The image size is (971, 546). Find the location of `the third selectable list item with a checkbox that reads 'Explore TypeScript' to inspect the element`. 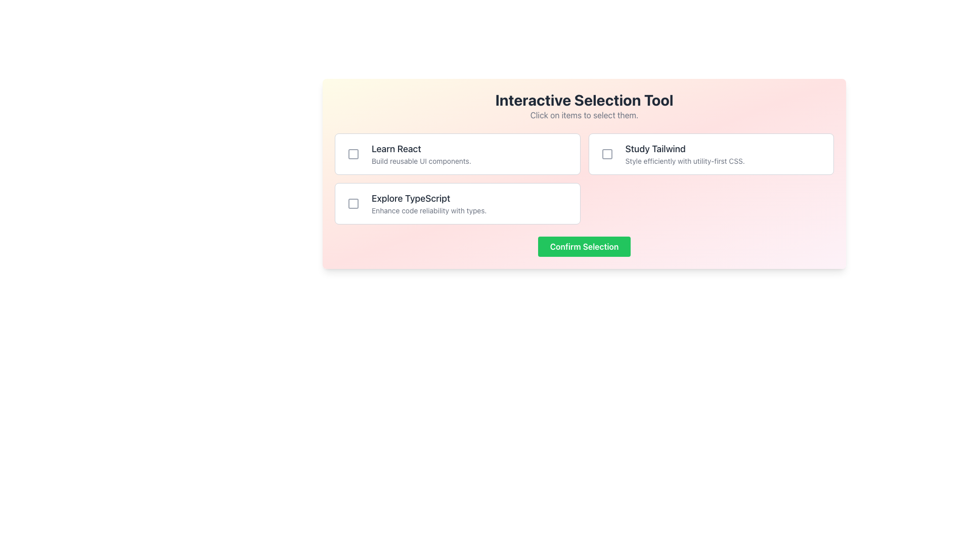

the third selectable list item with a checkbox that reads 'Explore TypeScript' to inspect the element is located at coordinates (457, 203).